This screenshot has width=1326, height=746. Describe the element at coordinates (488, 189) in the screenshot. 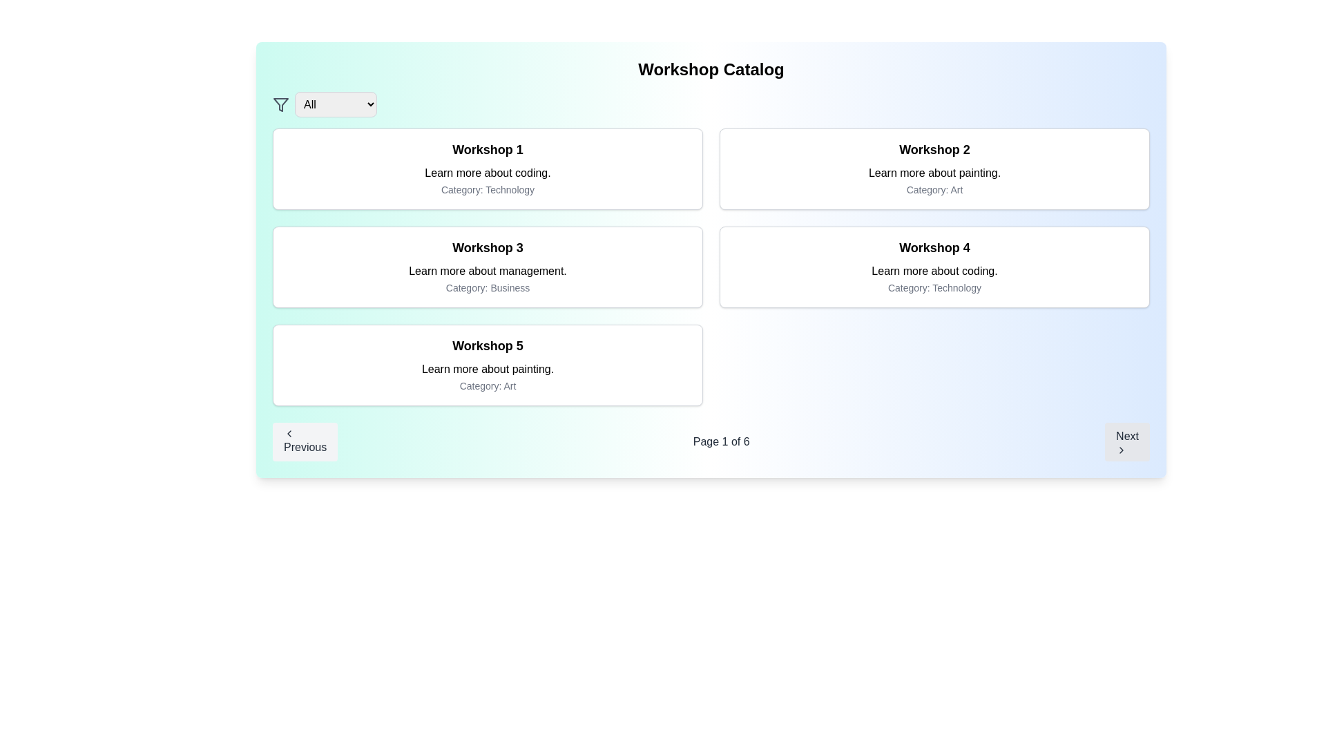

I see `the text label displaying 'Category: Technology', which is located at the bottom of the first card in the grid layout, under the workshop description` at that location.